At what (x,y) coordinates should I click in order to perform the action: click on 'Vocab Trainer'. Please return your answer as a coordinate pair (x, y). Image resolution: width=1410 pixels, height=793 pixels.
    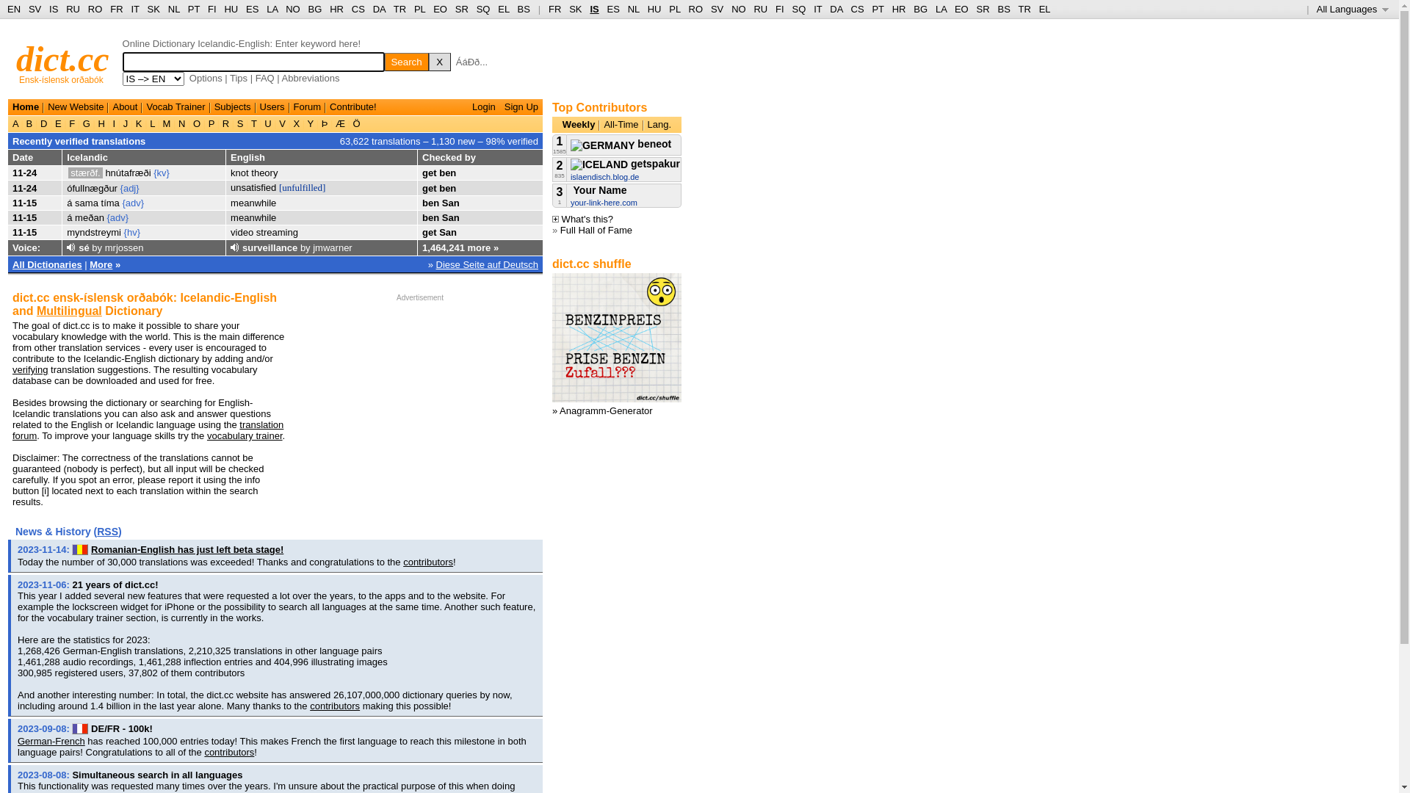
    Looking at the image, I should click on (176, 106).